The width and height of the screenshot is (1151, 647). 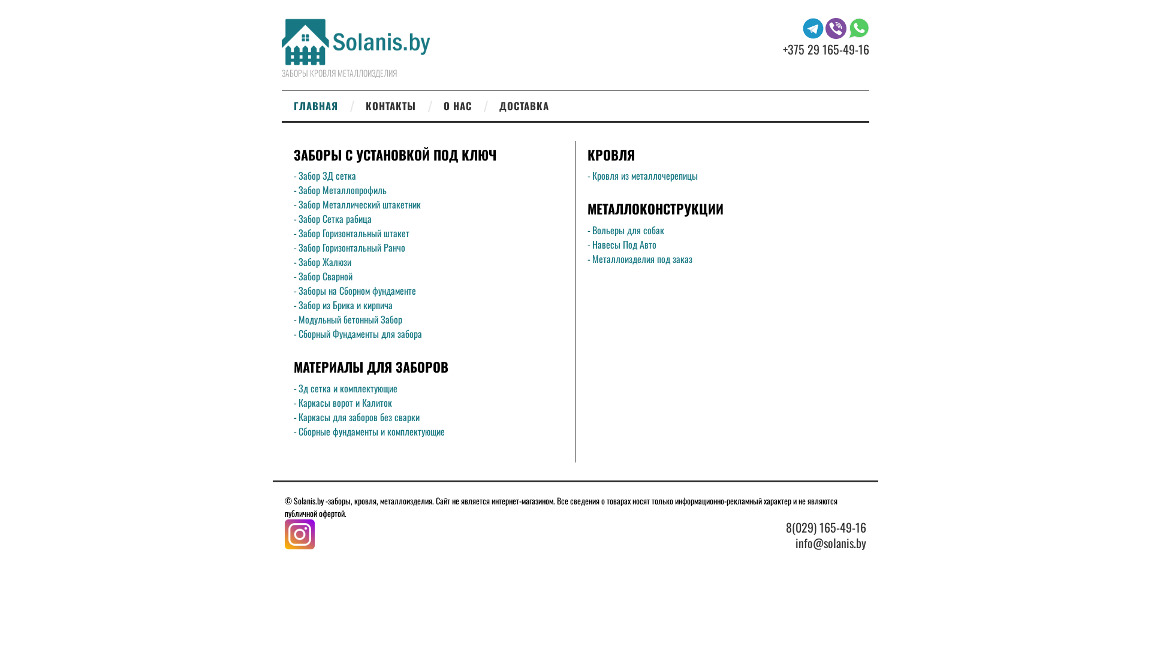 What do you see at coordinates (795, 543) in the screenshot?
I see `'info@solanis.by'` at bounding box center [795, 543].